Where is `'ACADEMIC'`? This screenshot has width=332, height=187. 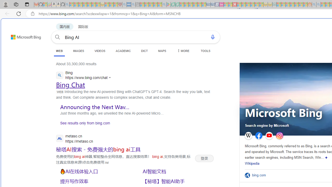 'ACADEMIC' is located at coordinates (123, 51).